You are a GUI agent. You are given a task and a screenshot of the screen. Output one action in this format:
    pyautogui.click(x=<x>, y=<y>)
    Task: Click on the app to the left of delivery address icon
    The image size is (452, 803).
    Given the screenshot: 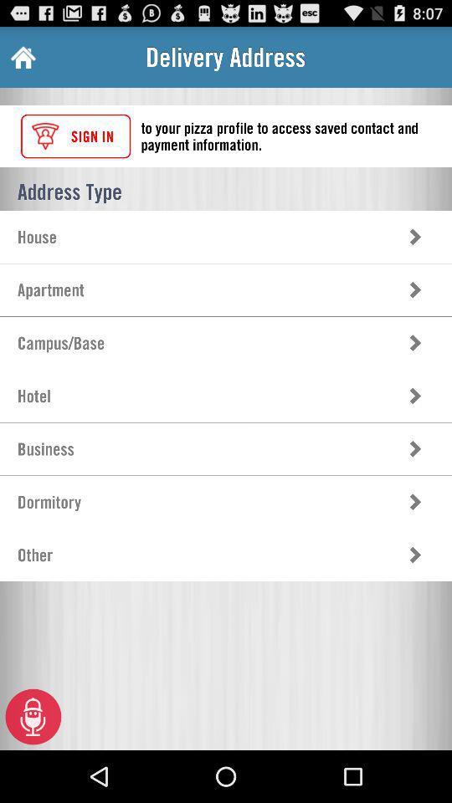 What is the action you would take?
    pyautogui.click(x=21, y=57)
    